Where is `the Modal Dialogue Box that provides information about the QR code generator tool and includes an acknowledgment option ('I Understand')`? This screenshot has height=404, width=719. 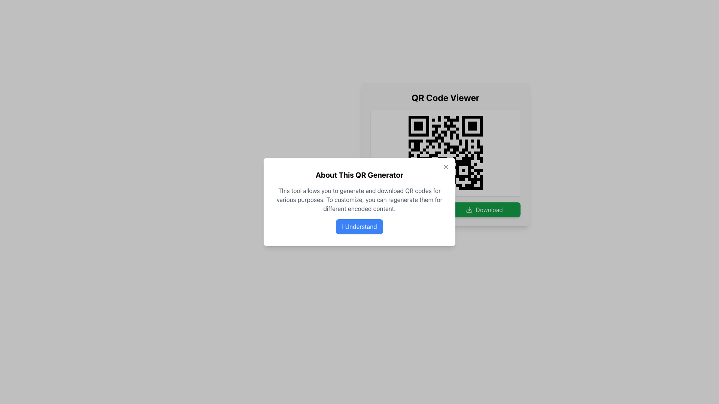
the Modal Dialogue Box that provides information about the QR code generator tool and includes an acknowledgment option ('I Understand') is located at coordinates (359, 202).